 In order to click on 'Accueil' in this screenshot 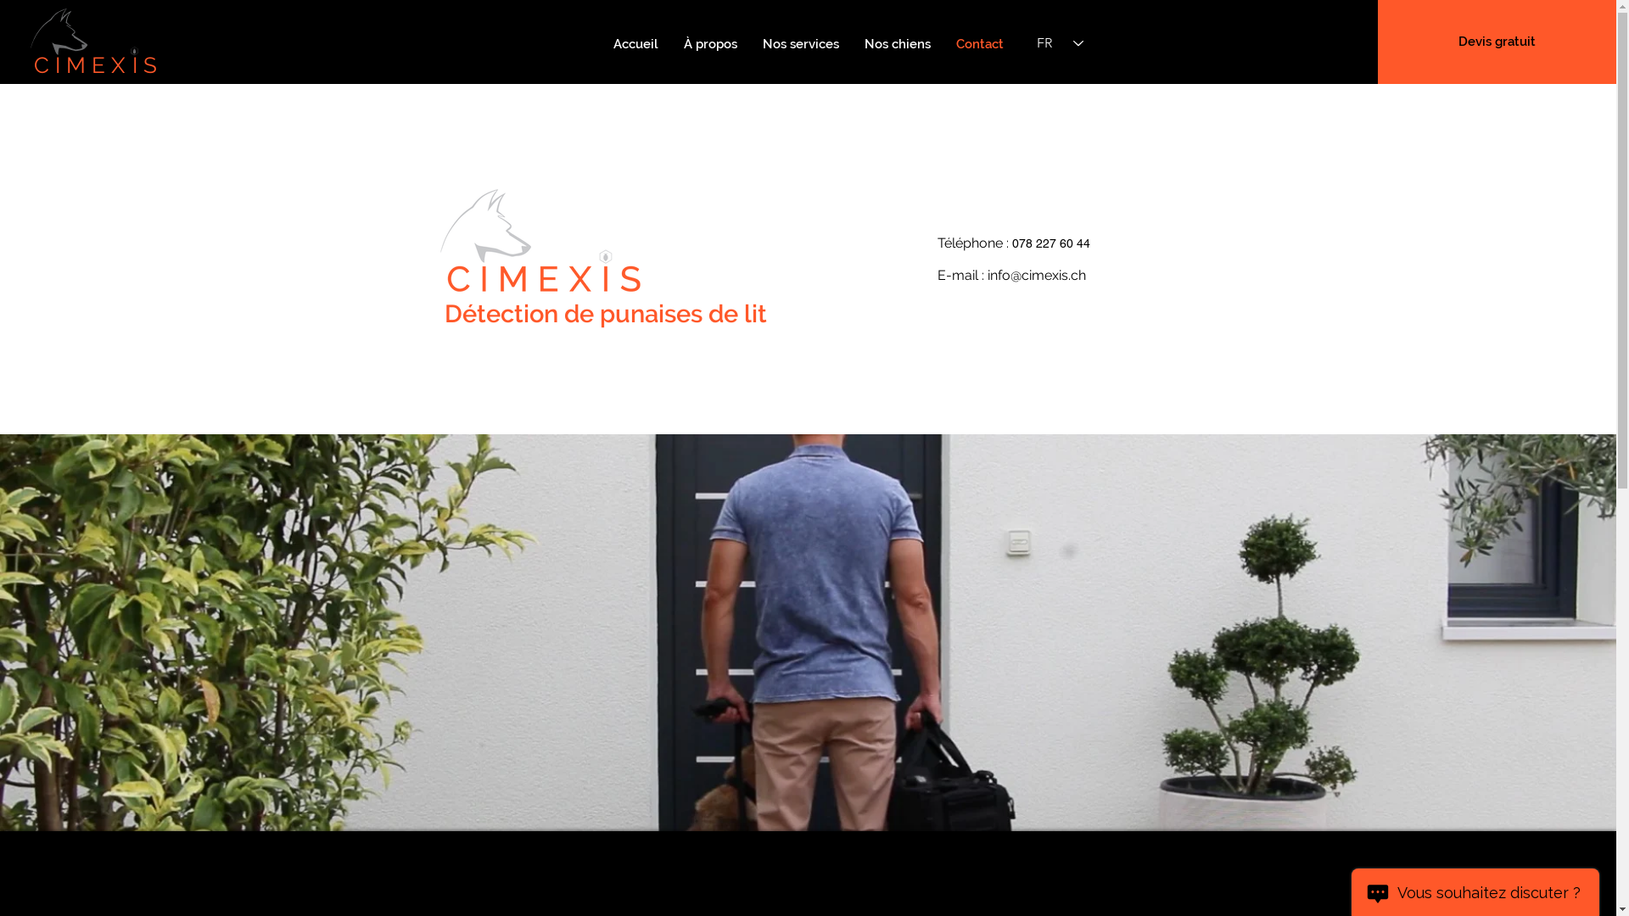, I will do `click(635, 42)`.